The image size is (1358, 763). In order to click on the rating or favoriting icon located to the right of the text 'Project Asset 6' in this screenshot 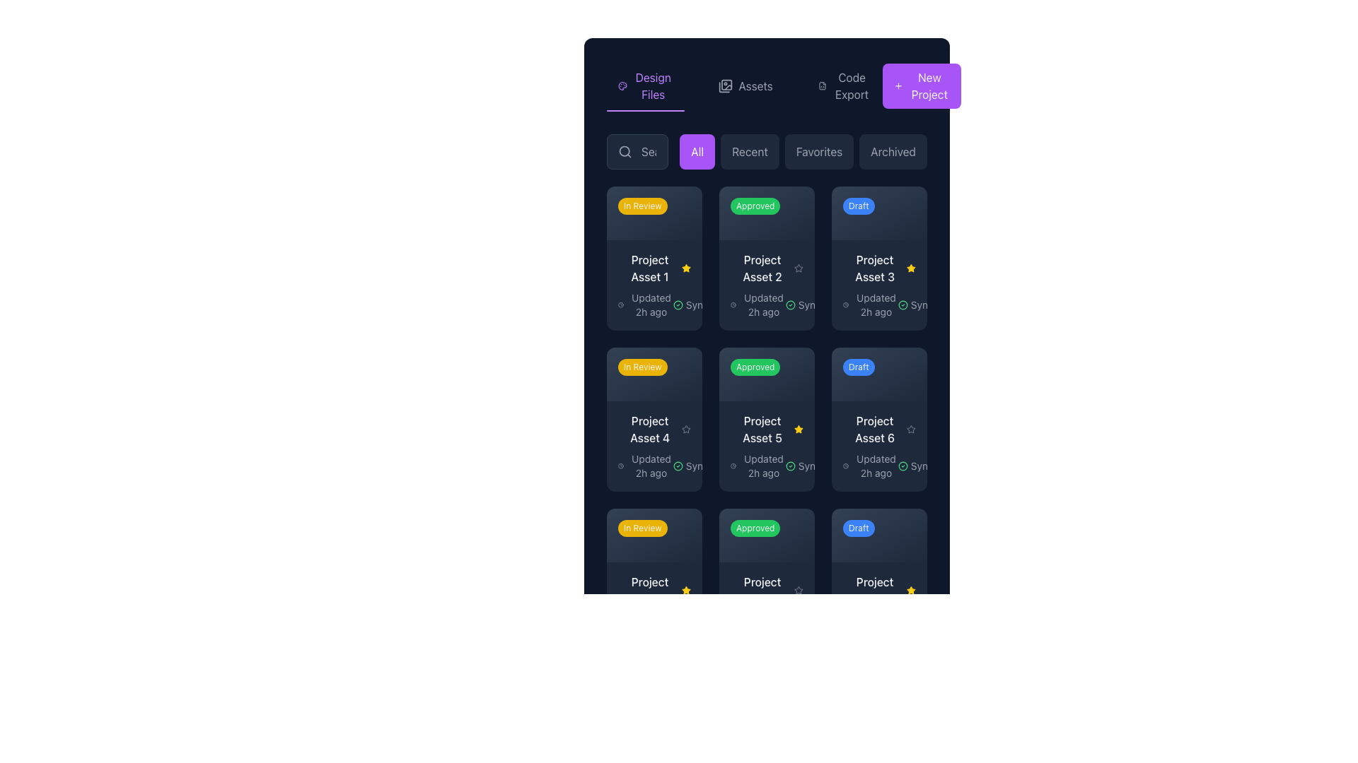, I will do `click(911, 428)`.